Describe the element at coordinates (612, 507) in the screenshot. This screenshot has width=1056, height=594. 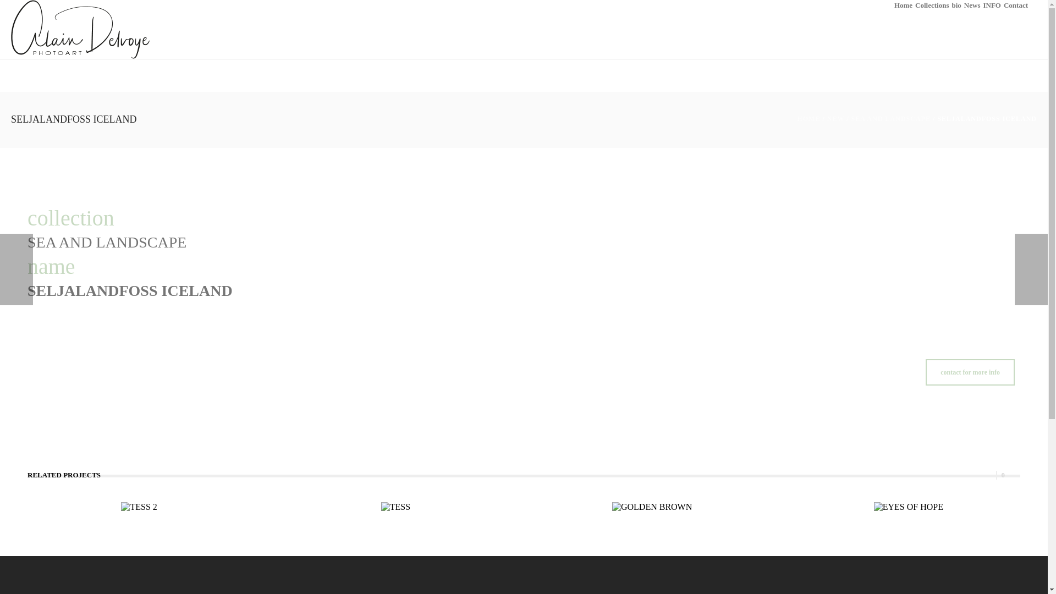
I see `'GOLDEN BROWN'` at that location.